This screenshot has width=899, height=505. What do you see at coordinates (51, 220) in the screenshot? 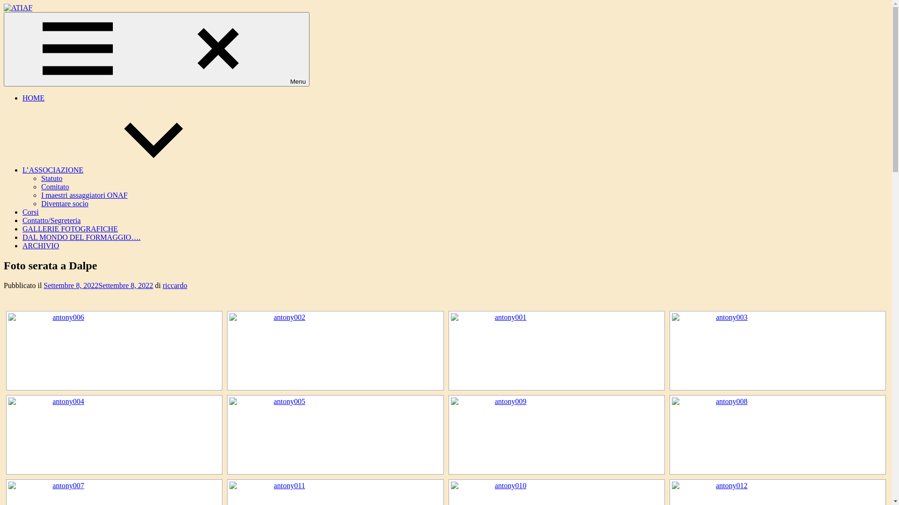
I see `'Contatto/Segreteria'` at bounding box center [51, 220].